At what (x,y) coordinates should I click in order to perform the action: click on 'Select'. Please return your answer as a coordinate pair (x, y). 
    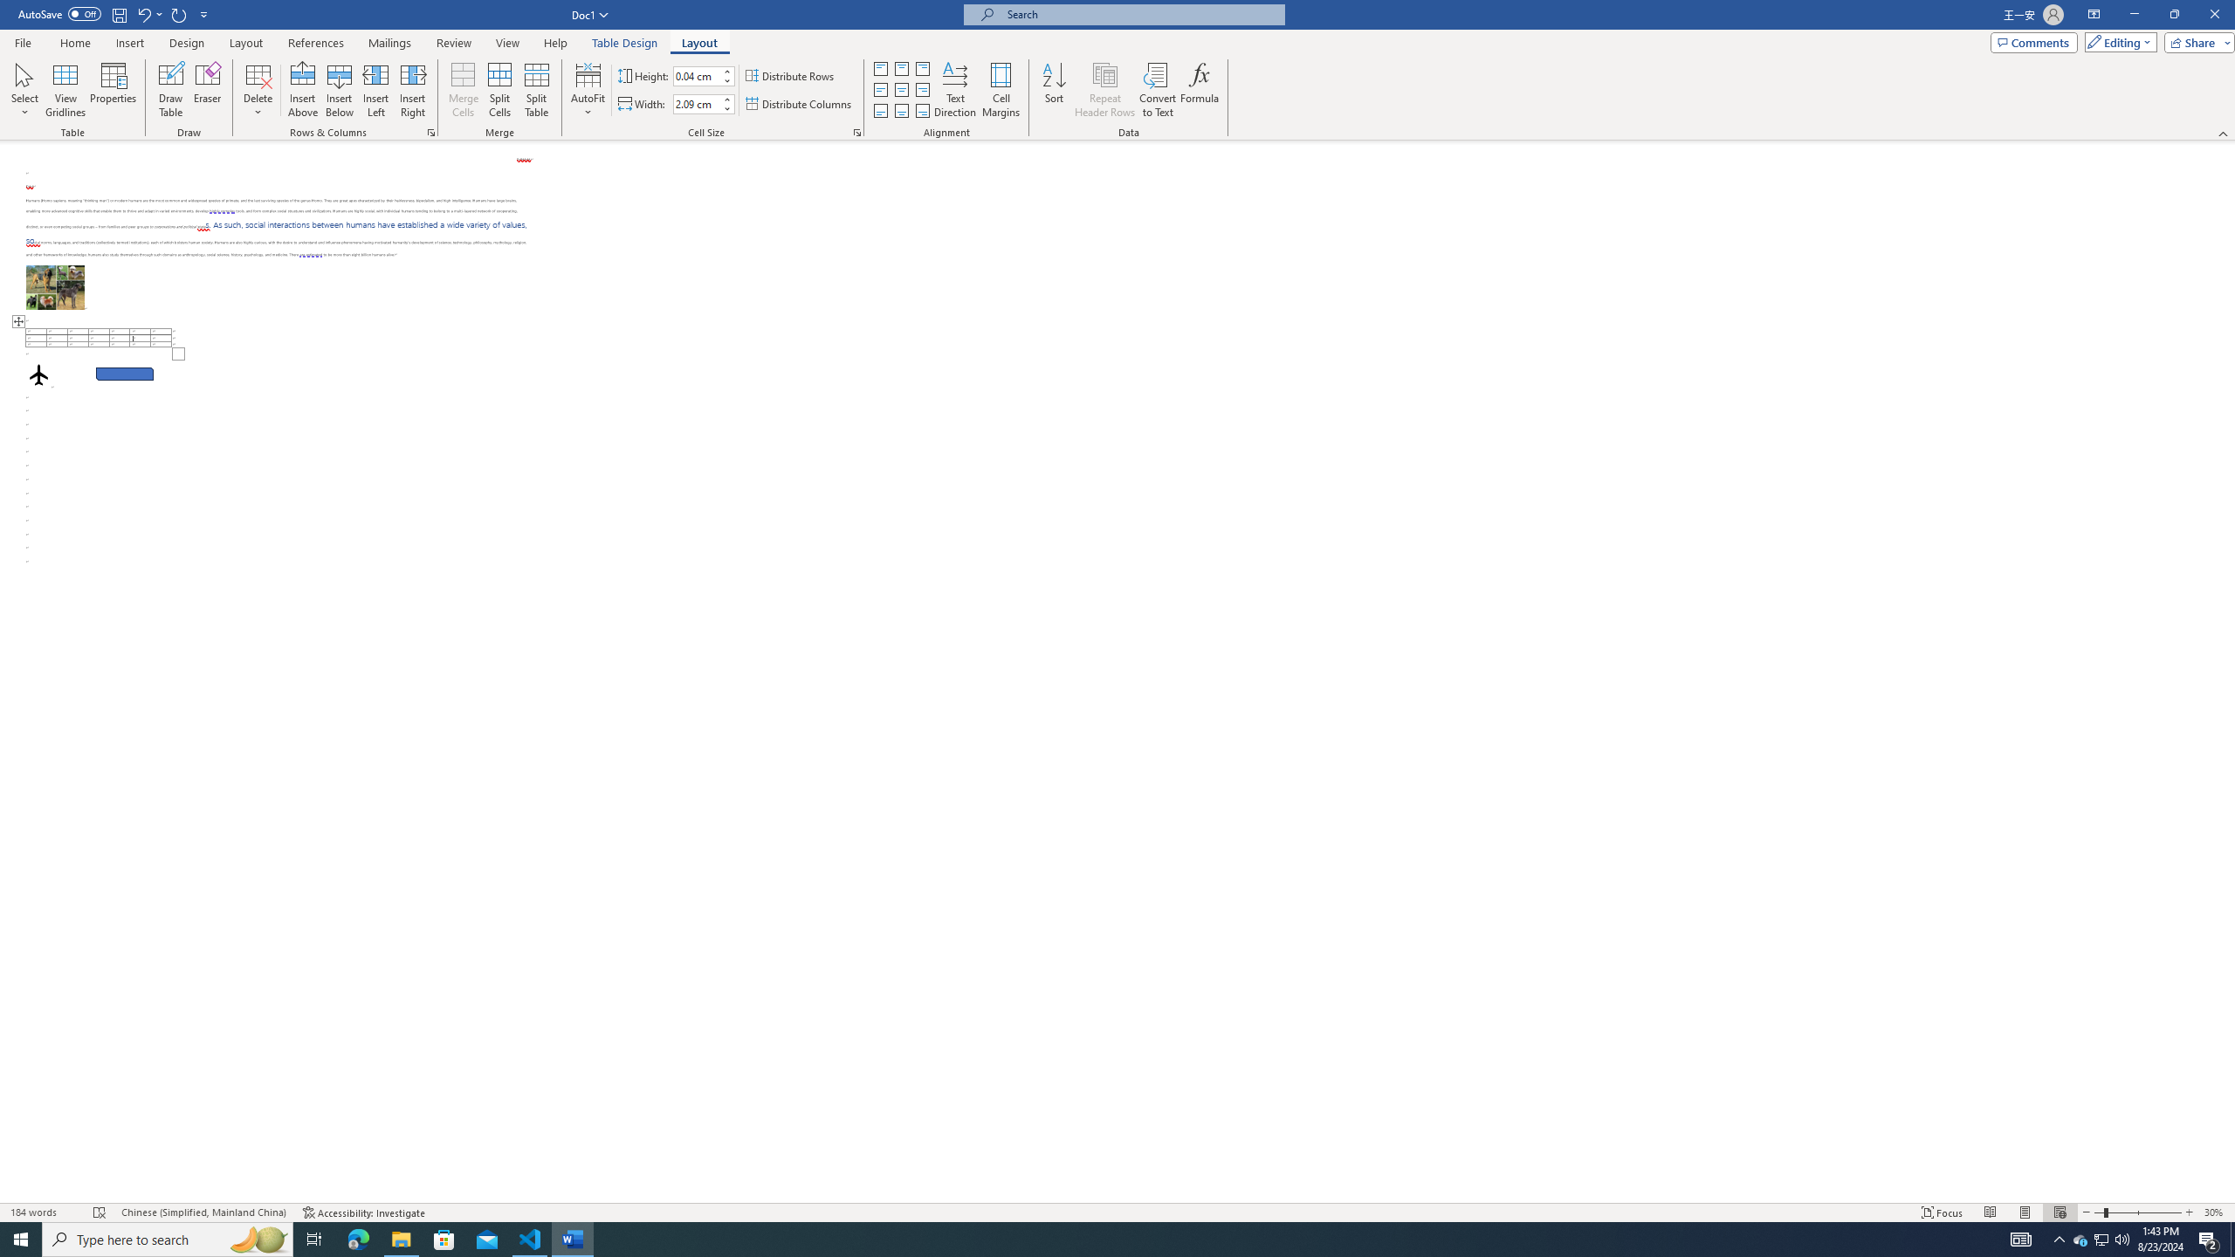
    Looking at the image, I should click on (24, 90).